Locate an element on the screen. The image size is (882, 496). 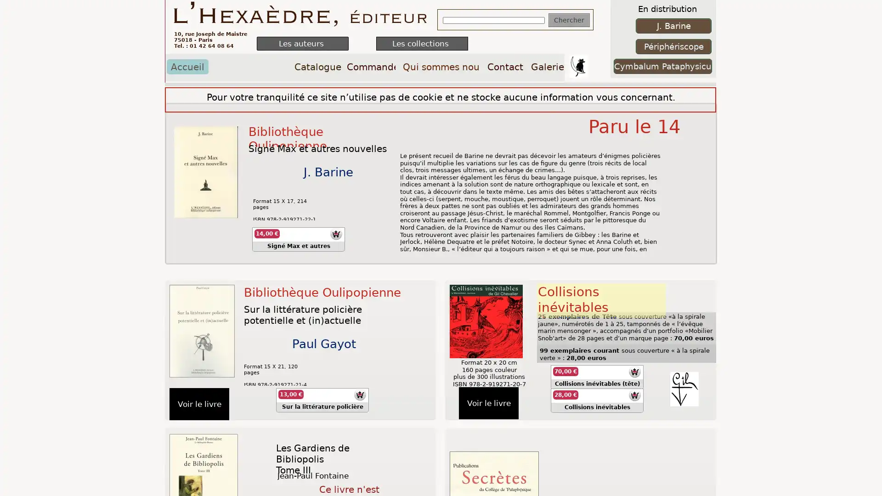
Qui sommes nous is located at coordinates (440, 66).